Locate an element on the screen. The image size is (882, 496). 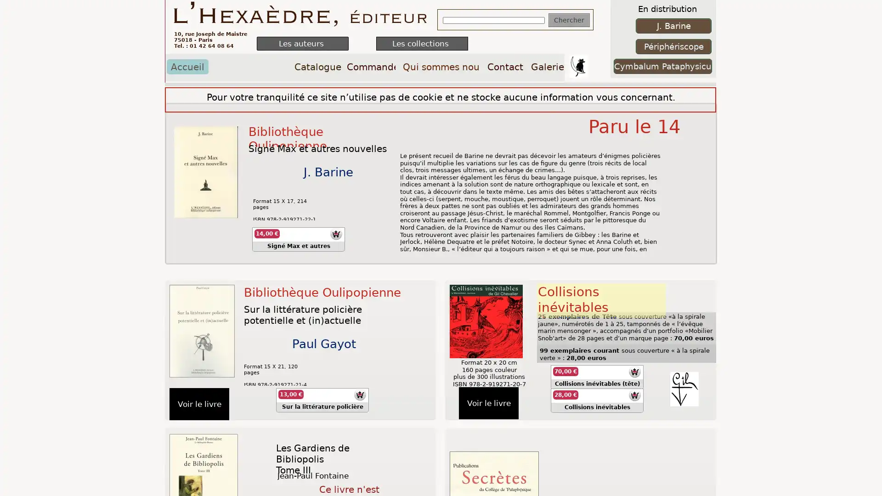
Qui sommes nous is located at coordinates (440, 66).